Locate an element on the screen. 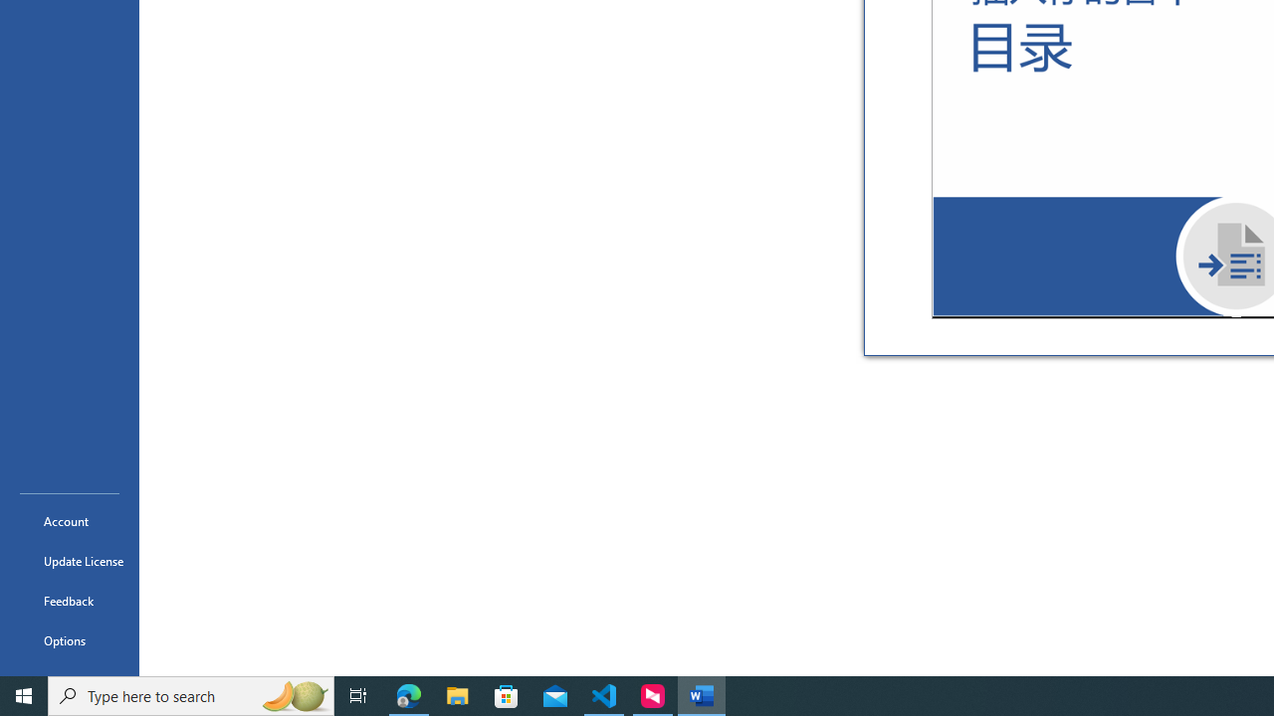  'Feedback' is located at coordinates (69, 600).